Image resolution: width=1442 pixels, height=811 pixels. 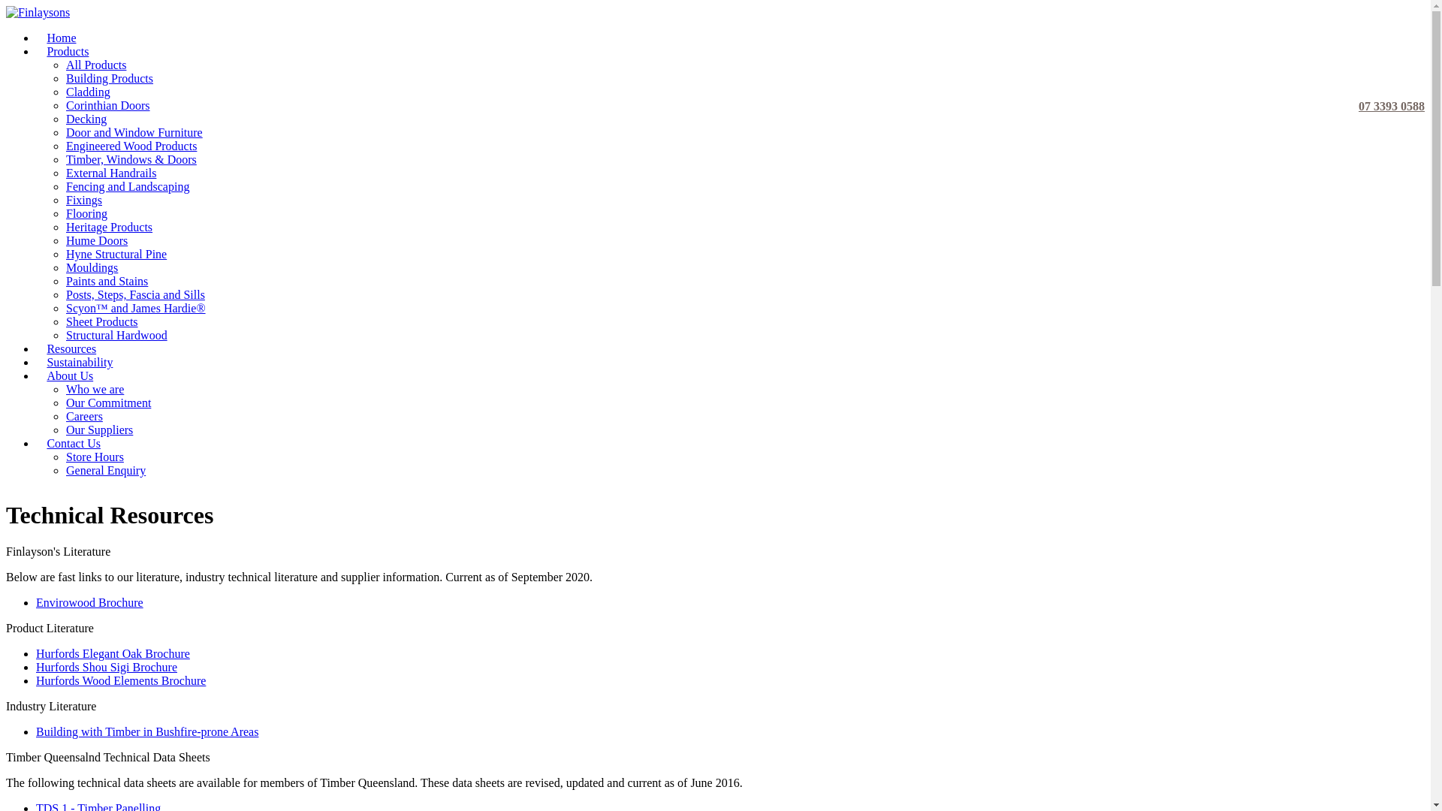 I want to click on 'All Products', so click(x=95, y=64).